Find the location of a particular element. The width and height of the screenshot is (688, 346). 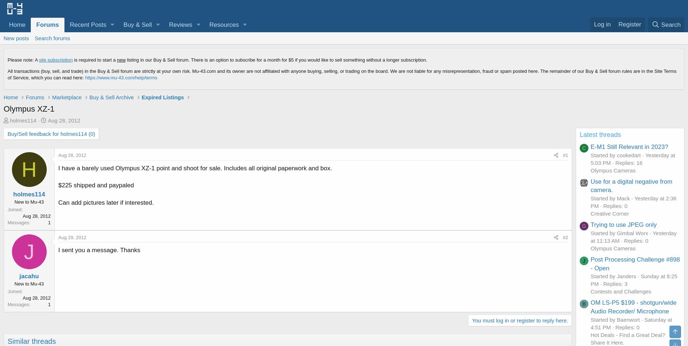

'E-M1 Still Relevant in 2023?' is located at coordinates (629, 146).